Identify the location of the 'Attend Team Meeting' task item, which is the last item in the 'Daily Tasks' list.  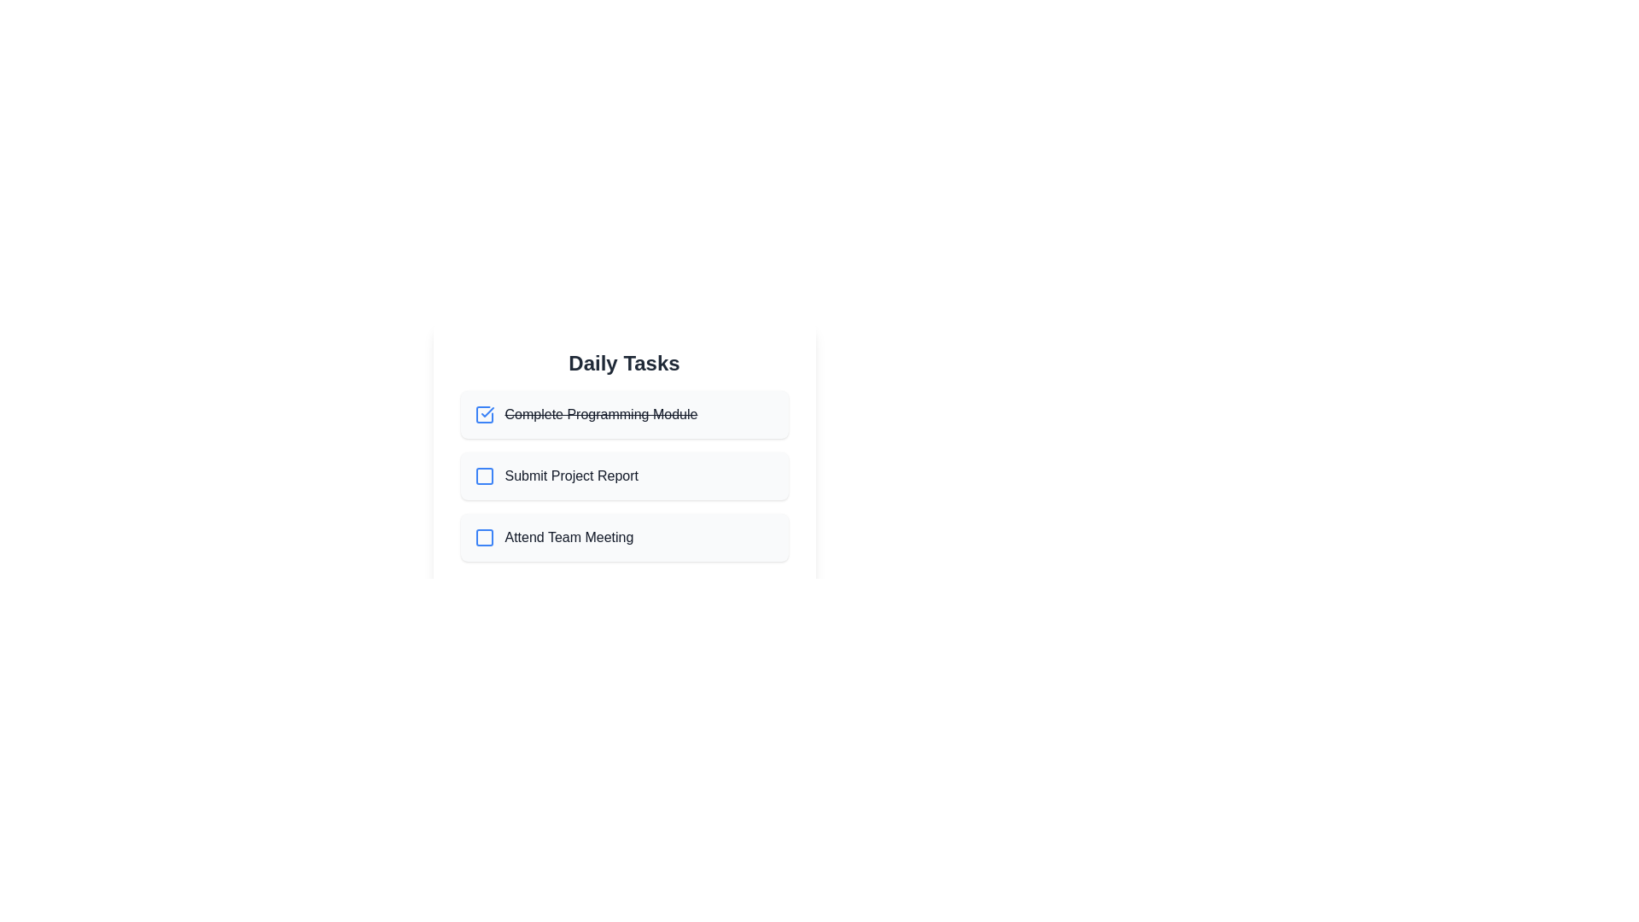
(623, 536).